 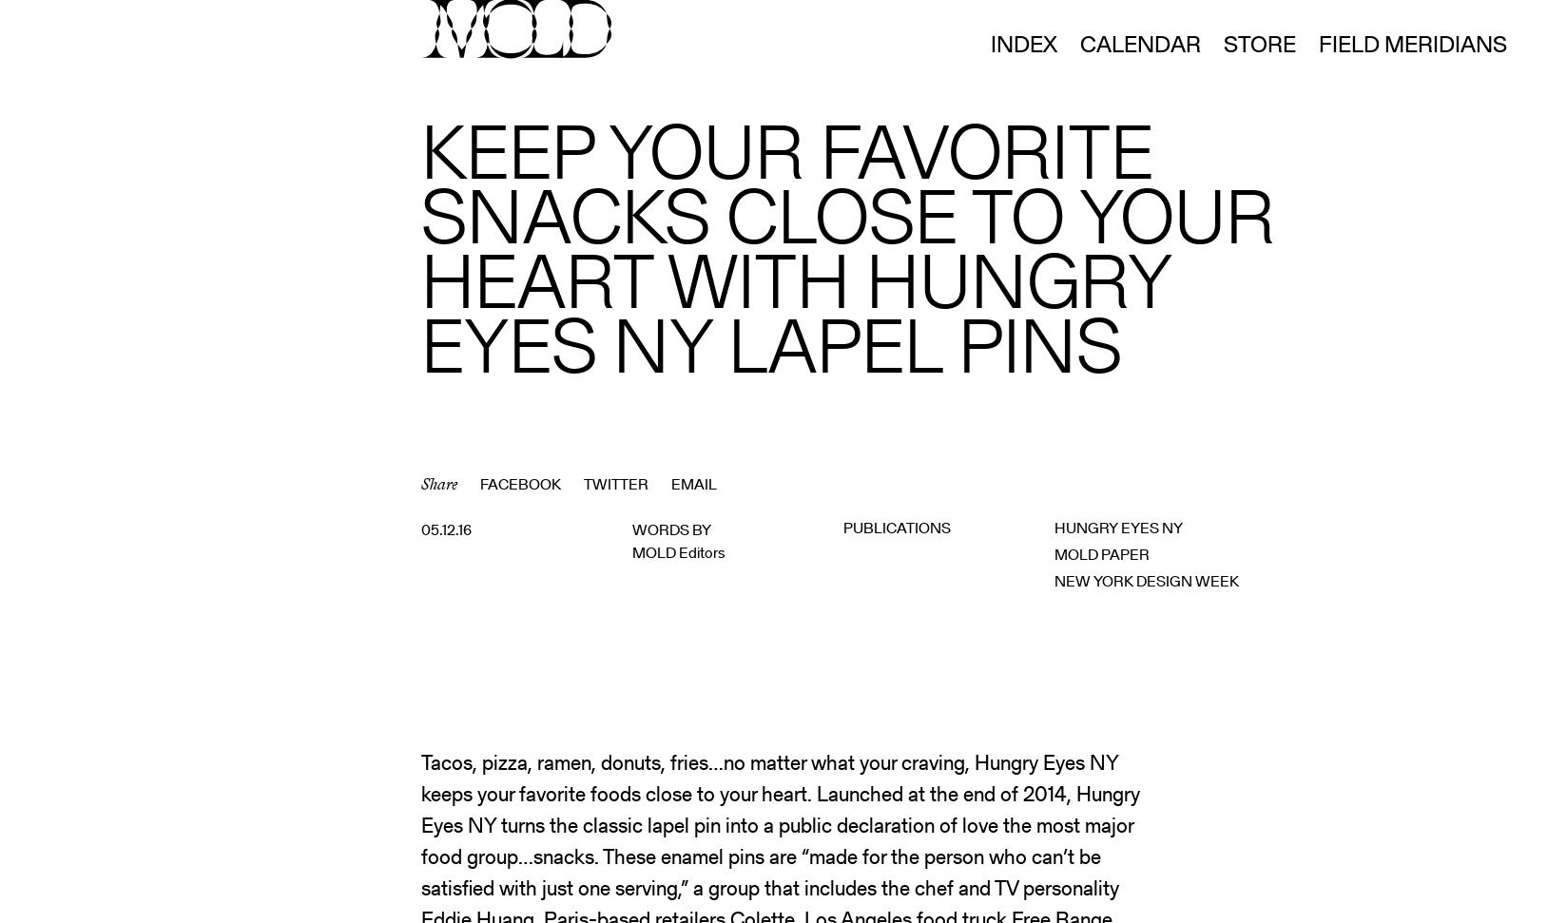 What do you see at coordinates (520, 483) in the screenshot?
I see `'Facebook'` at bounding box center [520, 483].